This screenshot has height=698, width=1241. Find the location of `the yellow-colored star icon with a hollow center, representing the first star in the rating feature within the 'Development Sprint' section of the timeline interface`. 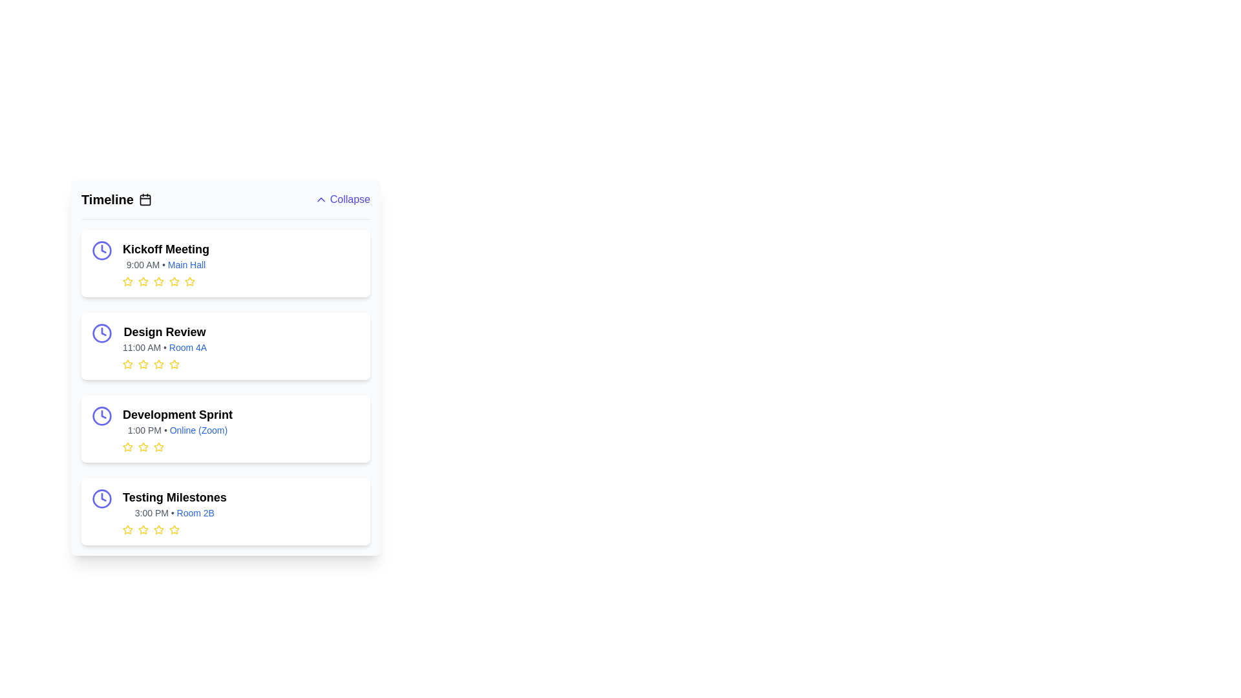

the yellow-colored star icon with a hollow center, representing the first star in the rating feature within the 'Development Sprint' section of the timeline interface is located at coordinates (127, 446).